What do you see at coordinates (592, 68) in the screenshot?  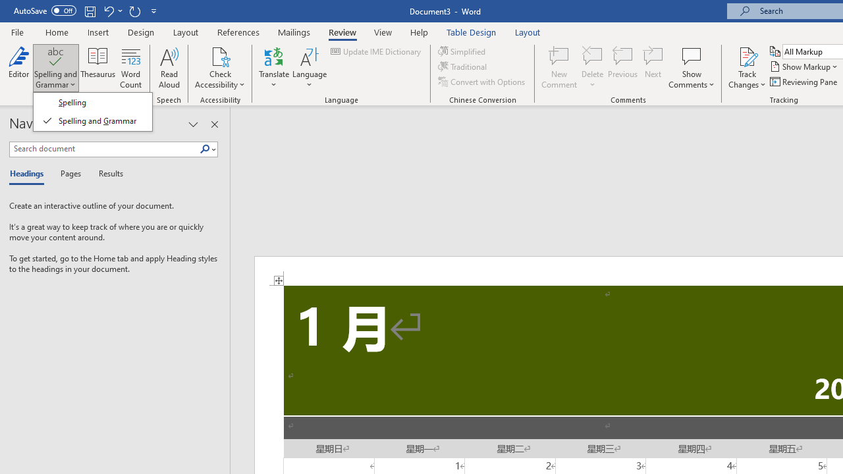 I see `'Delete'` at bounding box center [592, 68].